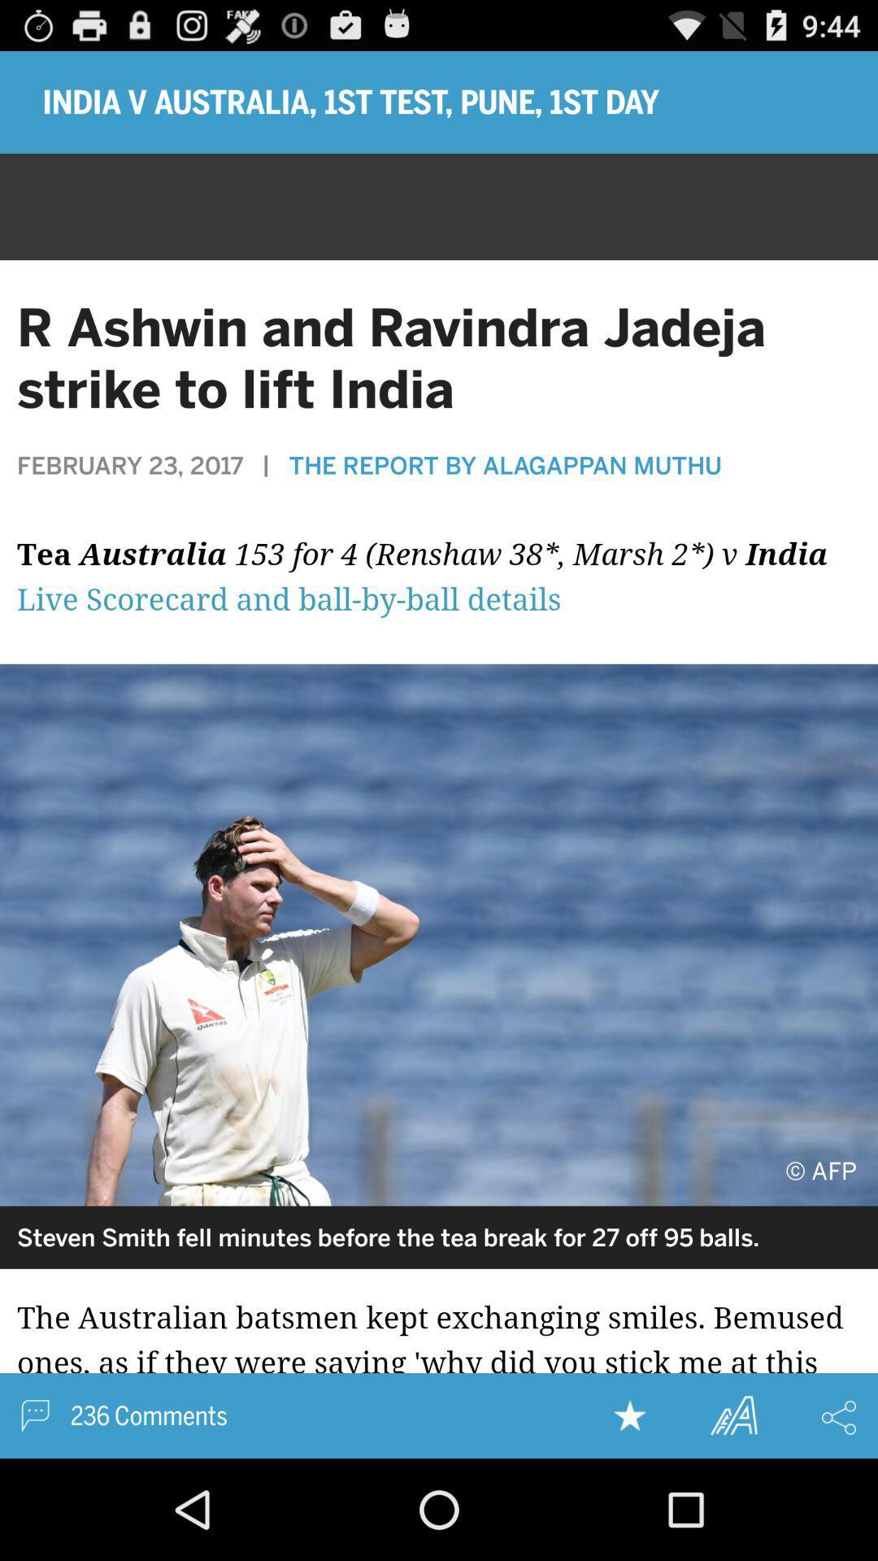 This screenshot has width=878, height=1561. Describe the element at coordinates (839, 1516) in the screenshot. I see `the share icon` at that location.